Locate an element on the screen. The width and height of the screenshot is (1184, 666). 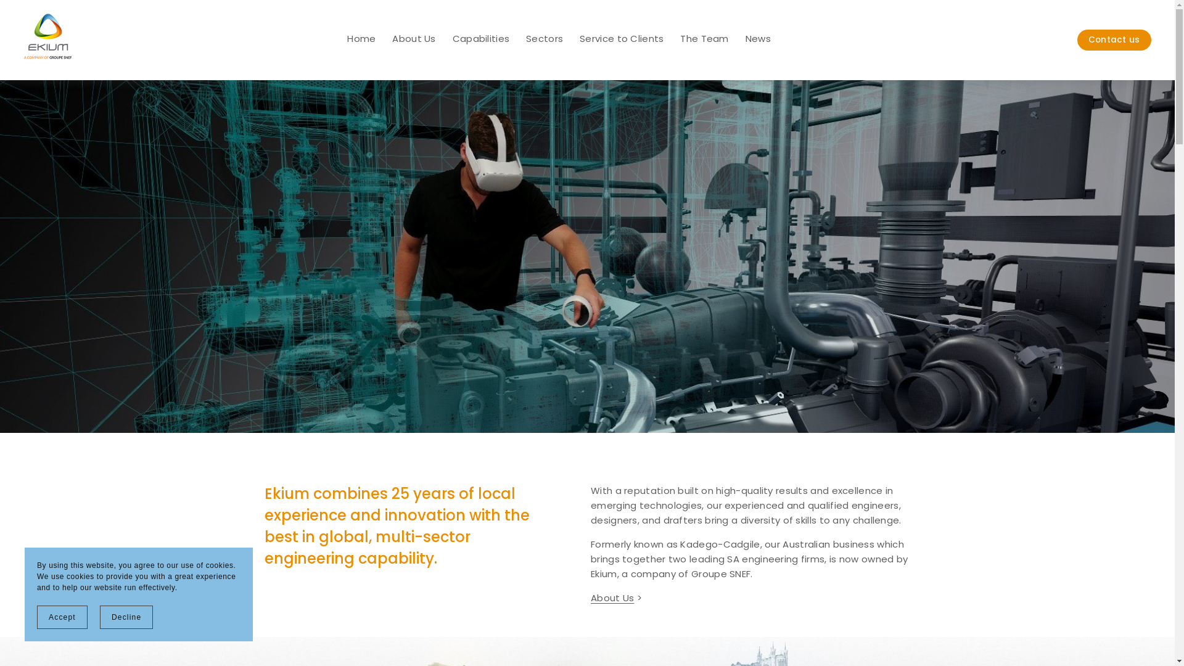
'Capabilities' is located at coordinates (480, 39).